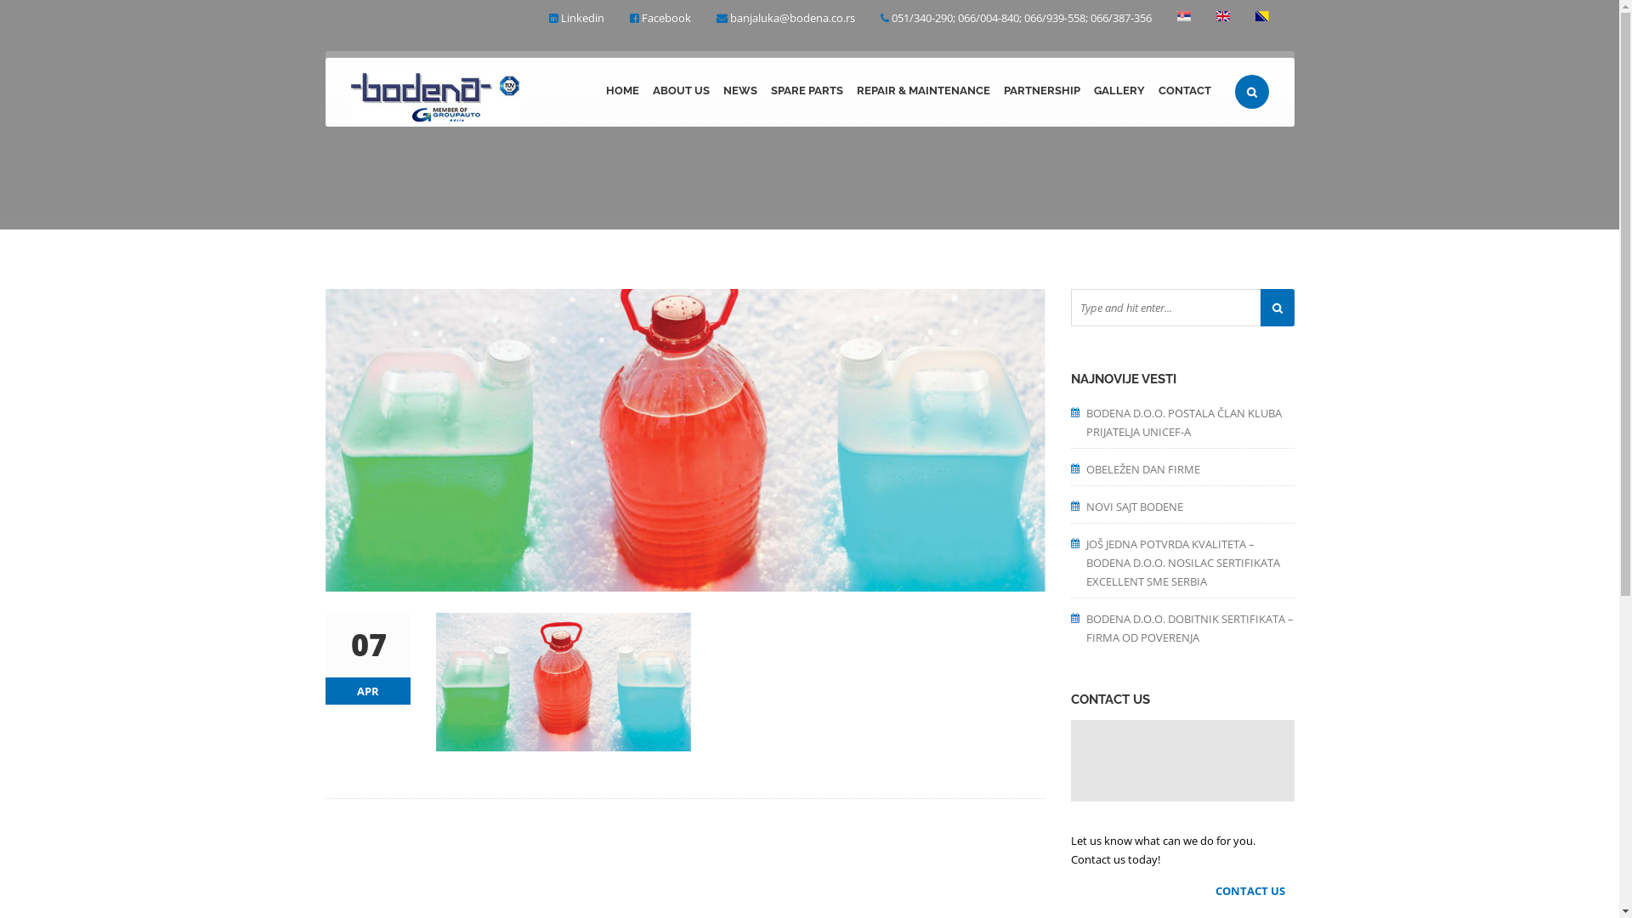  Describe the element at coordinates (995, 92) in the screenshot. I see `'PARTNERSHIP'` at that location.